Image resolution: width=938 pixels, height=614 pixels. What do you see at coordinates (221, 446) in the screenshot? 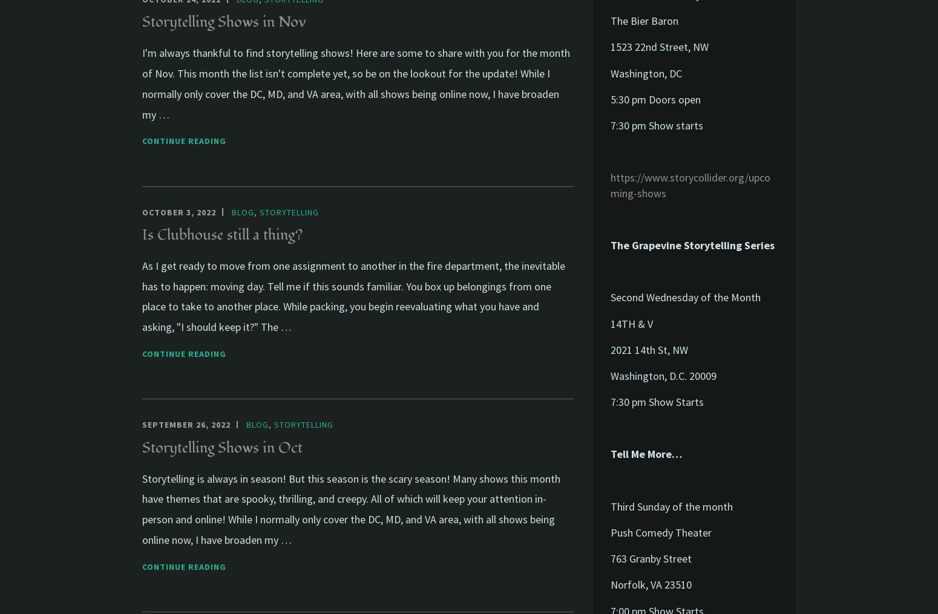
I see `'Storytelling Shows in Oct'` at bounding box center [221, 446].